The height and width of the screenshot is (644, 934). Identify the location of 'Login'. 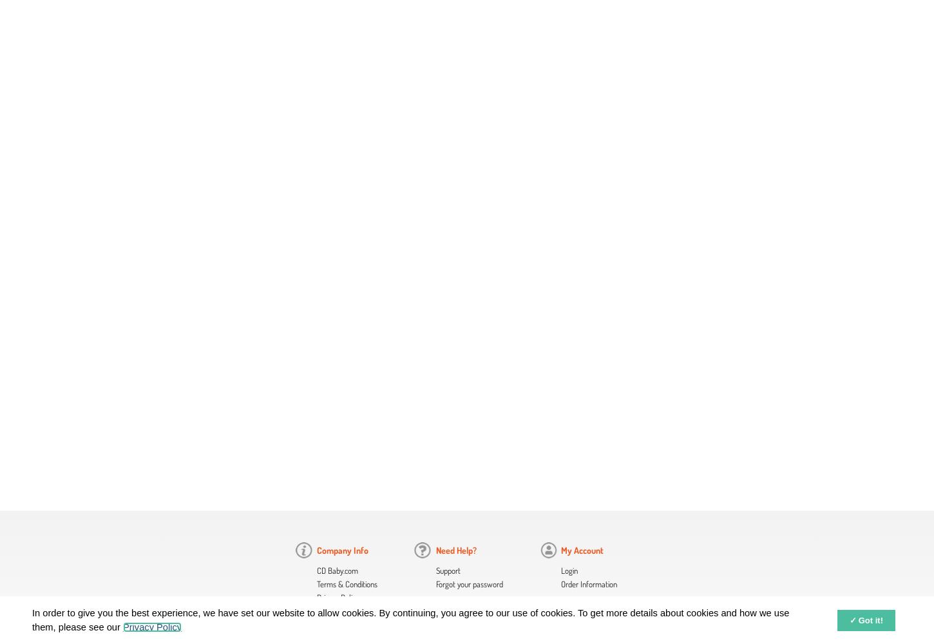
(560, 571).